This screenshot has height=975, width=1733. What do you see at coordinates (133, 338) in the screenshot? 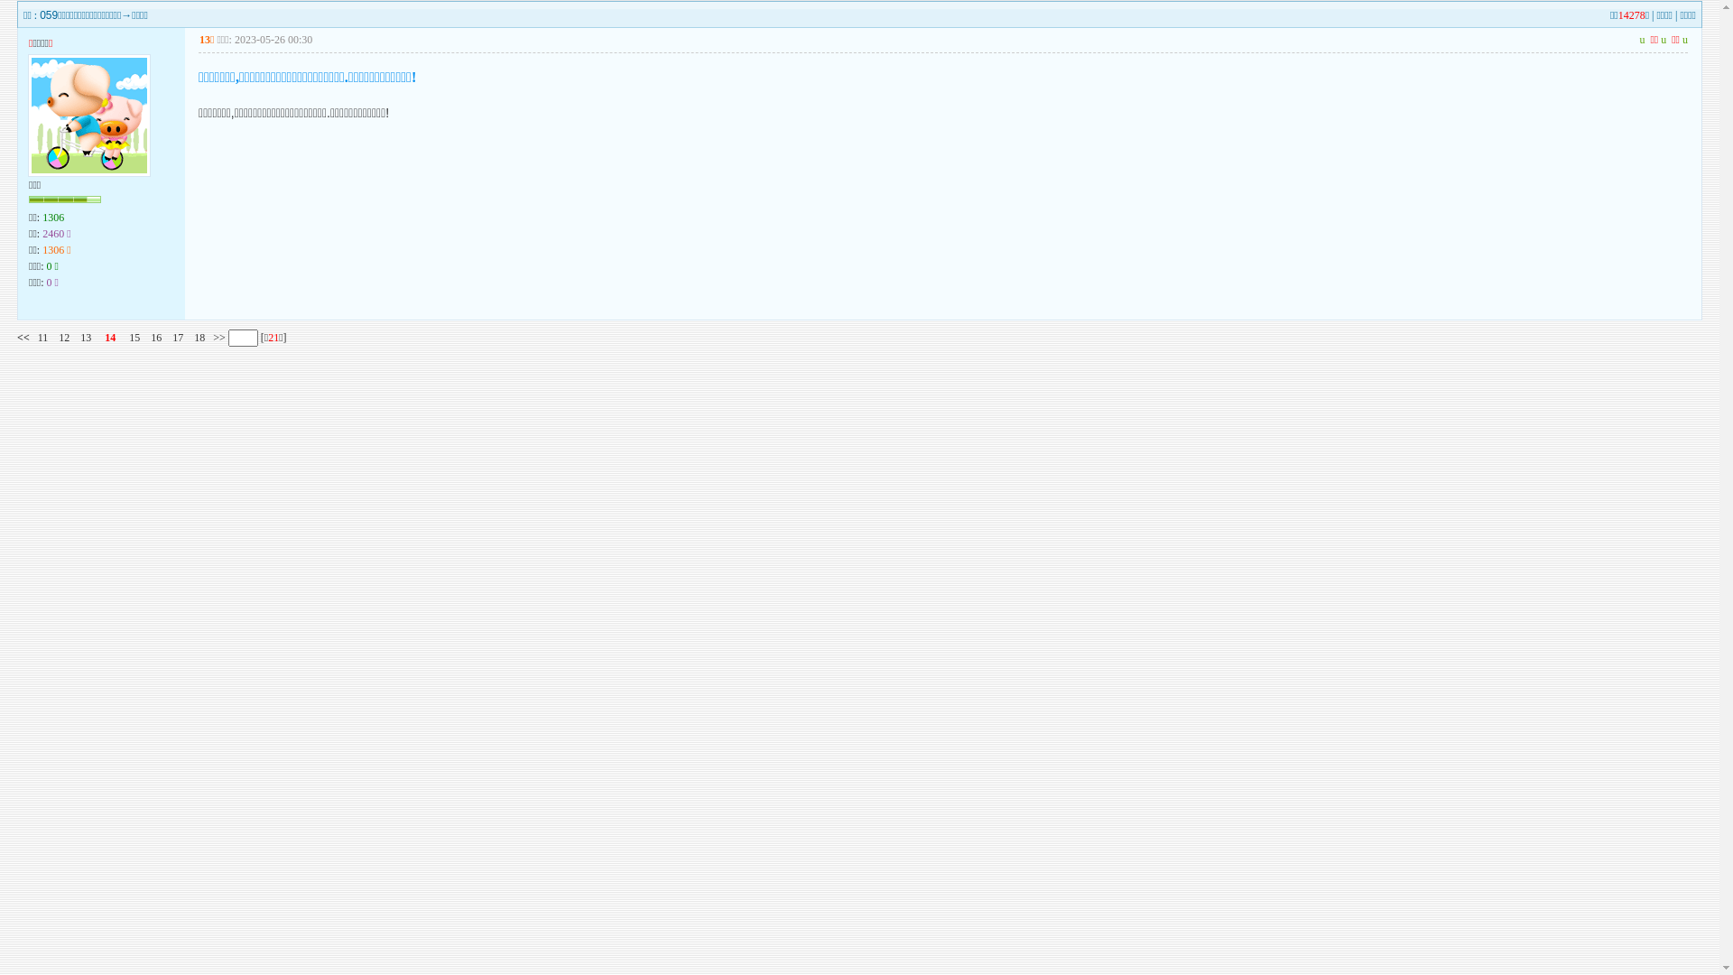
I see `'15'` at bounding box center [133, 338].